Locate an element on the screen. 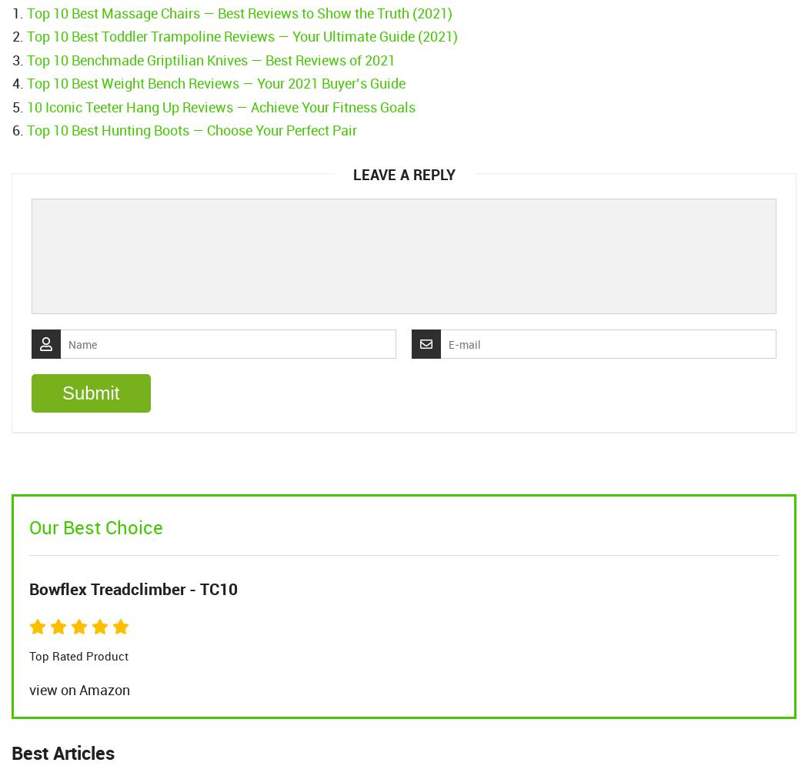 Image resolution: width=808 pixels, height=776 pixels. 'Top 10 Best Massage Chairs — Best Reviews to Show the Truth (2021)' is located at coordinates (239, 12).